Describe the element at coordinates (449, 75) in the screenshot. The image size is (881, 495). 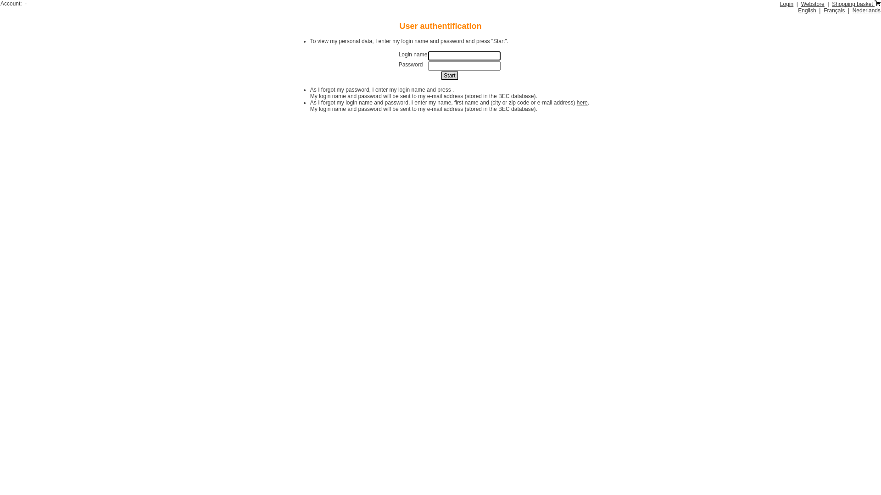
I see `'Start'` at that location.